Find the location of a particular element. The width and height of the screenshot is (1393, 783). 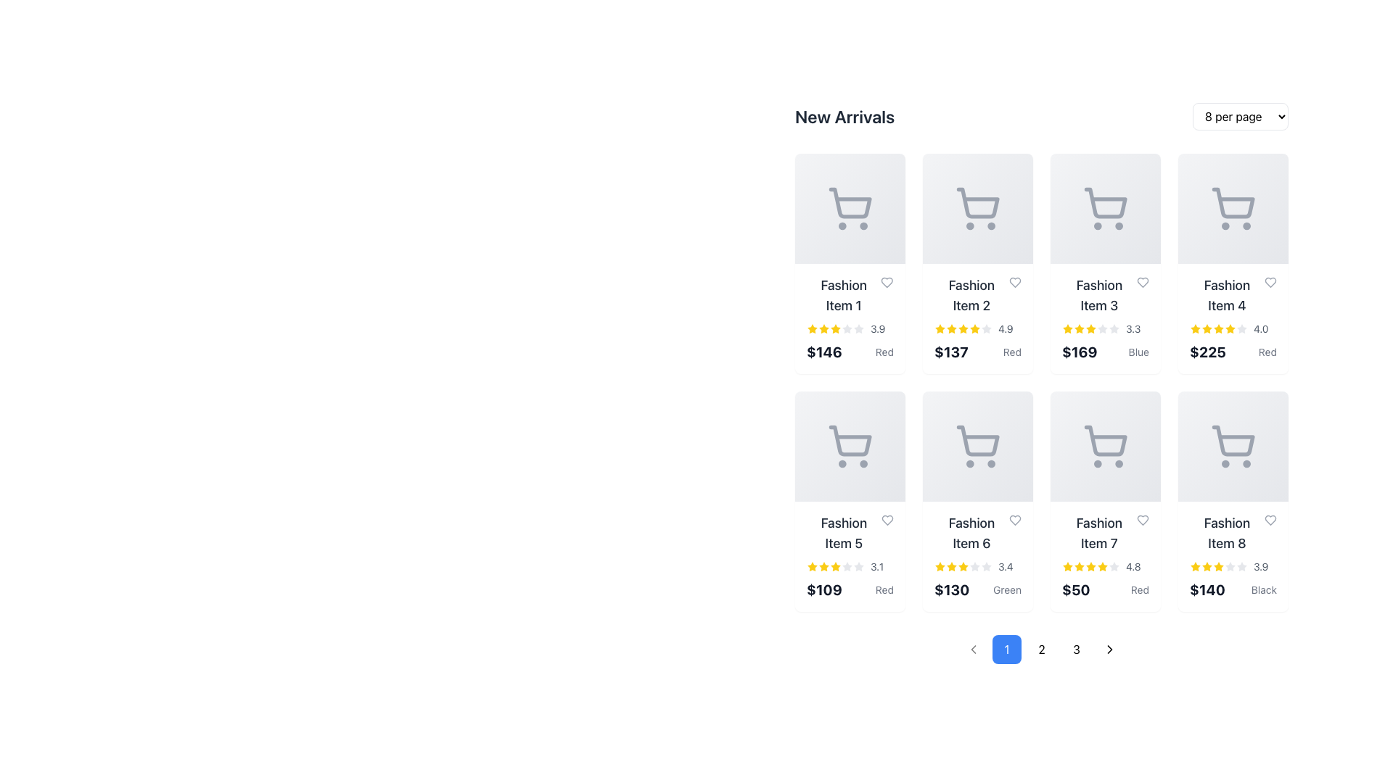

the shopping cart icon located in the upper section of the card displaying 'Fashion Item 2' in the second column of the 'New Arrivals' grid is located at coordinates (978, 209).